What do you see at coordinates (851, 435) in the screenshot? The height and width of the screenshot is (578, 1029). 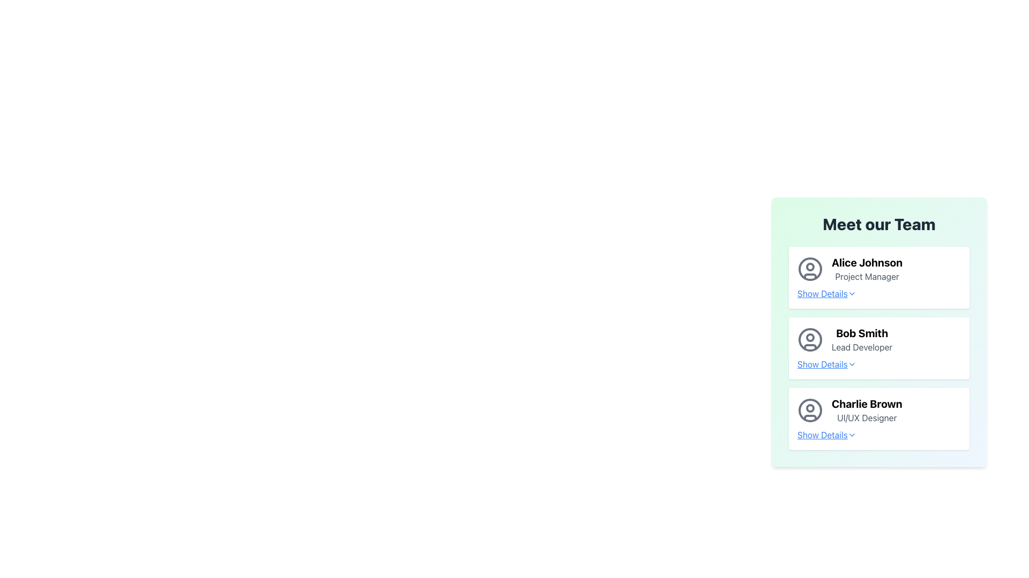 I see `the chevron icon located to the right of the 'Show Details' text for the entry associated with 'Charlie Brown', the UI/UX Designer` at bounding box center [851, 435].